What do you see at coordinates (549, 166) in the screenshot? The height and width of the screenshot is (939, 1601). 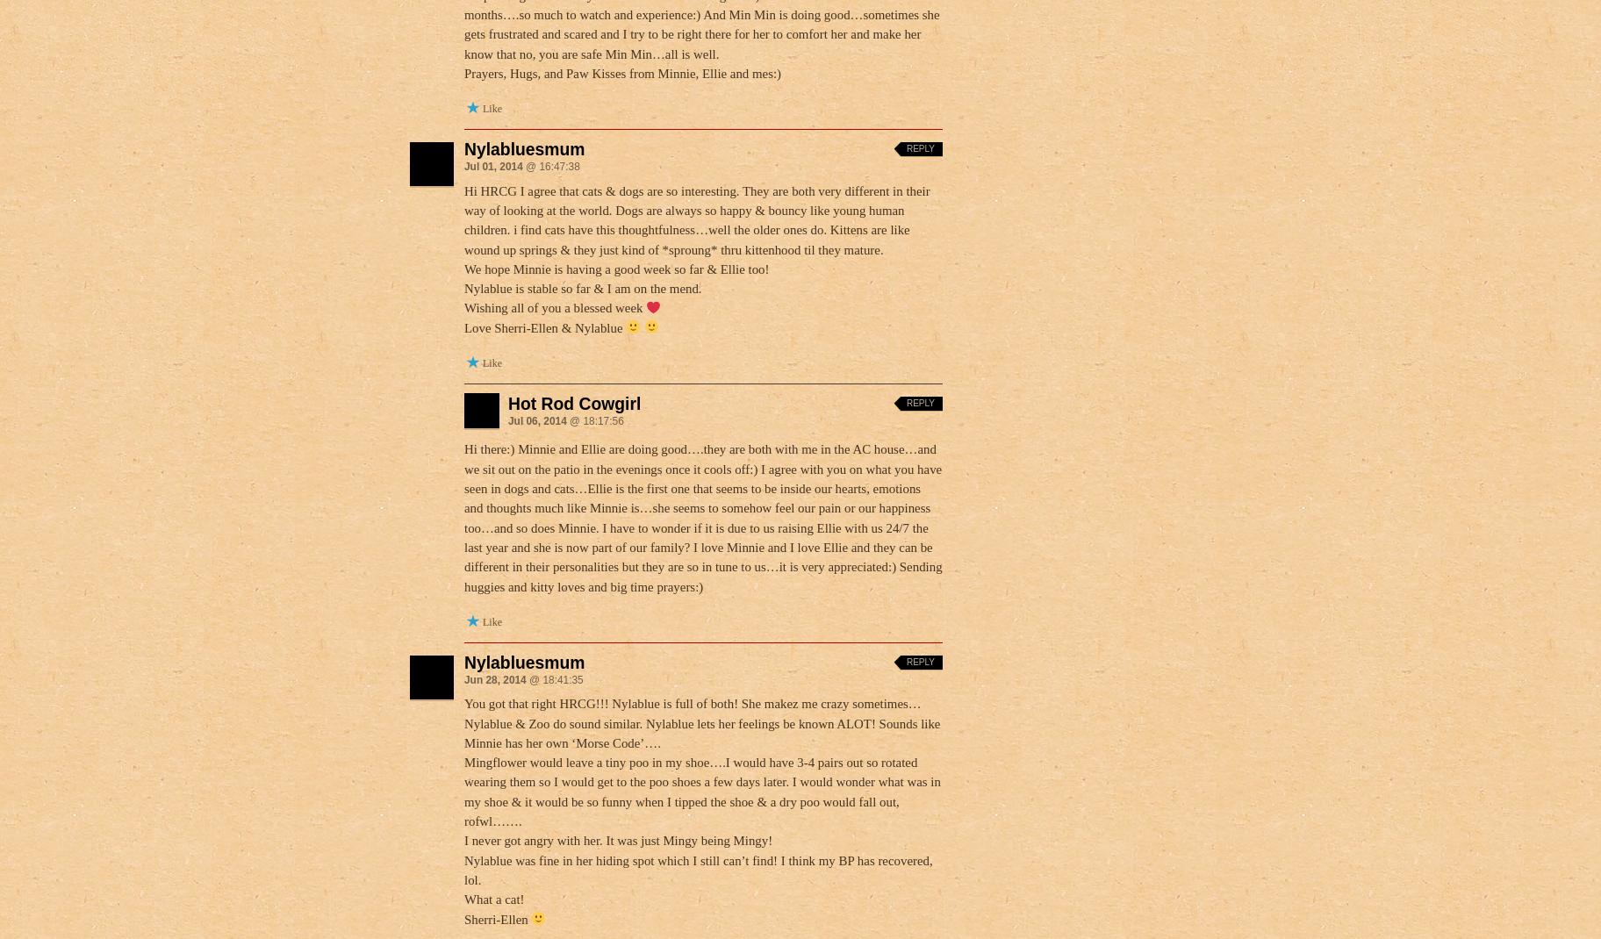 I see `'@ 16:47:38'` at bounding box center [549, 166].